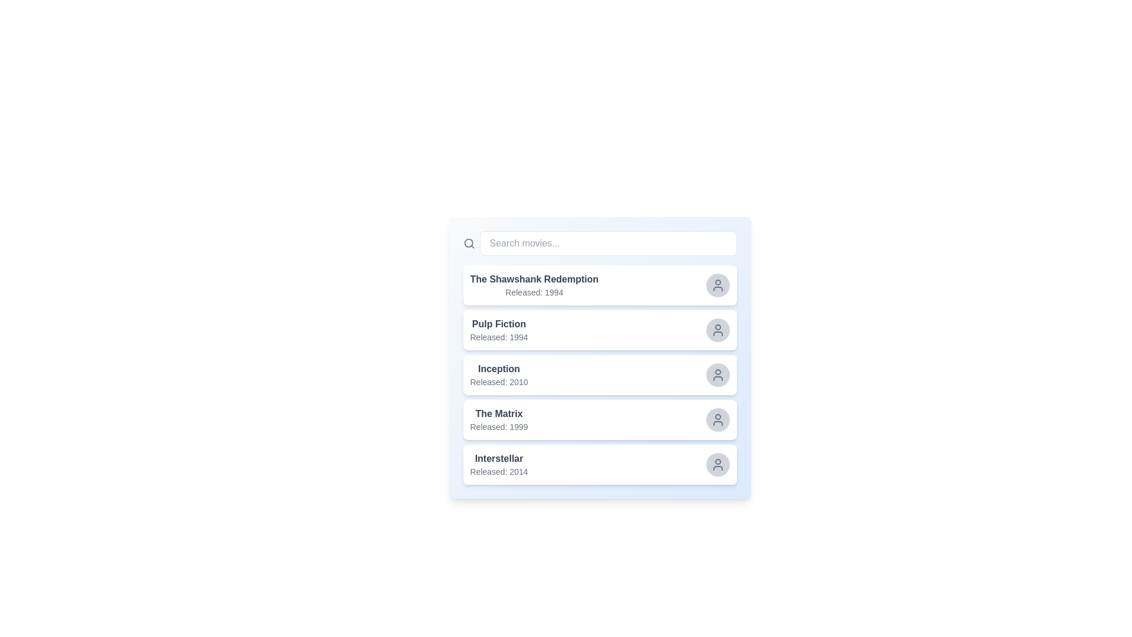 This screenshot has height=637, width=1132. Describe the element at coordinates (717, 330) in the screenshot. I see `the circular user-related button with a gray background located at the far-right end of the 'Pulp Fiction Released: 1994' card` at that location.